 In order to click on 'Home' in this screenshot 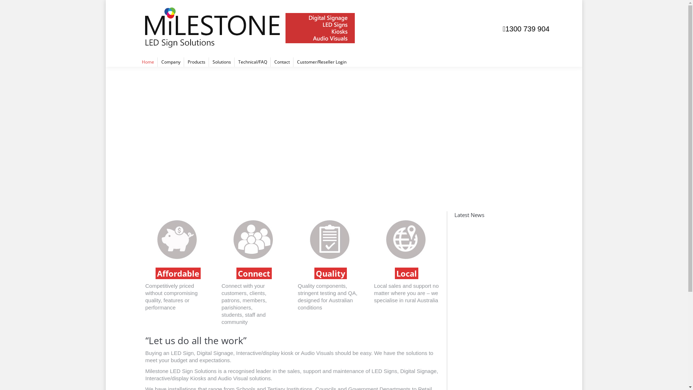, I will do `click(147, 62)`.